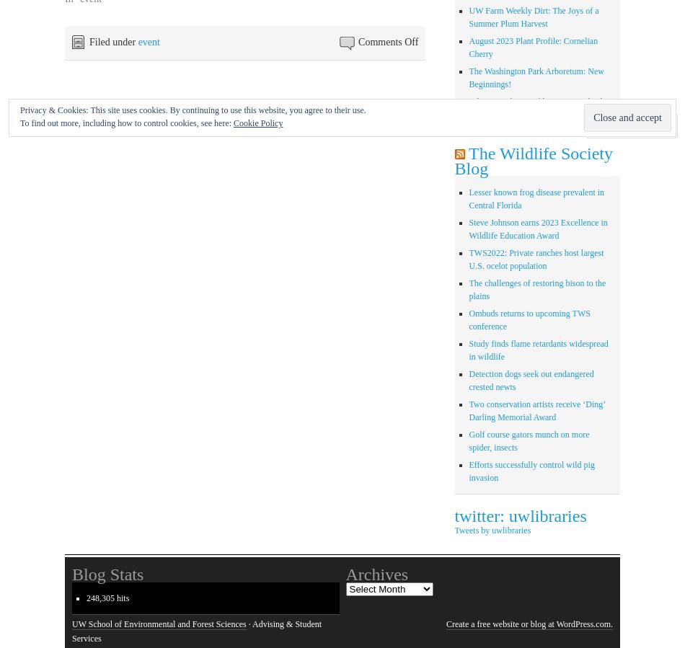 This screenshot has width=685, height=648. Describe the element at coordinates (196, 631) in the screenshot. I see `'· Advising & Student Services'` at that location.